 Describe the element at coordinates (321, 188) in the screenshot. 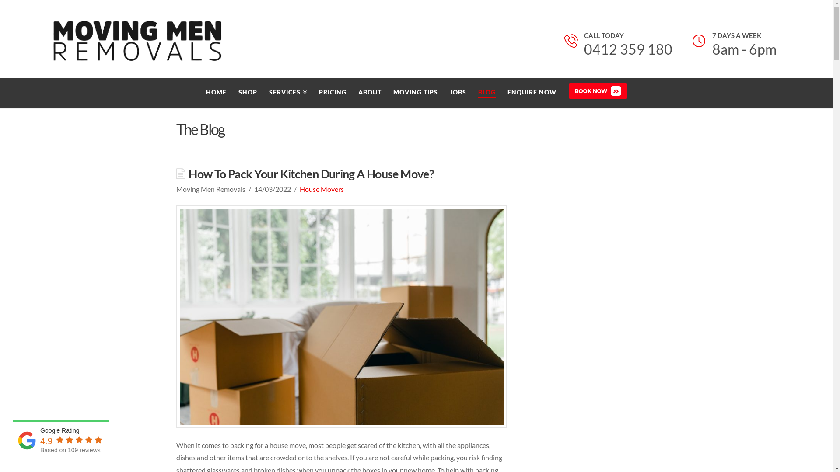

I see `'House Movers'` at that location.